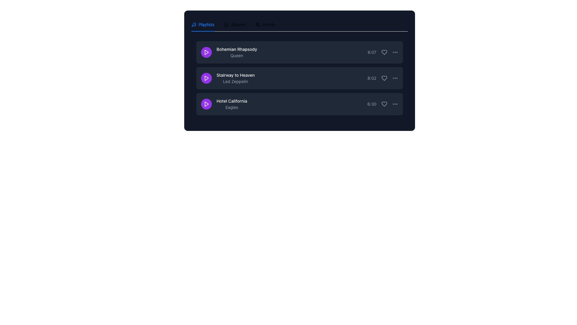 The width and height of the screenshot is (577, 325). I want to click on the first navigation tab labeled 'Playlists' located at the top-left section of the interface, so click(203, 24).